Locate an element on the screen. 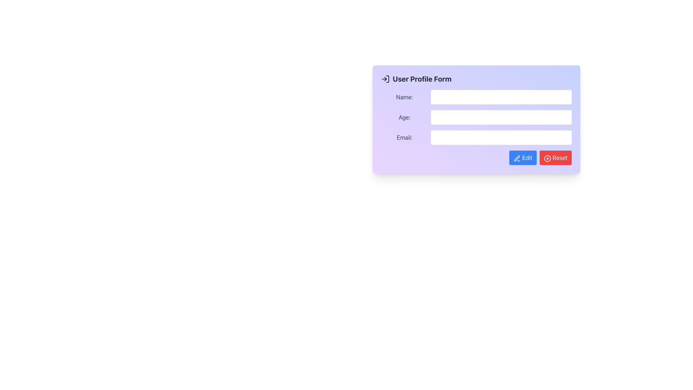  the circular SVG shape that is styled as an outline and is part of the 'X' icon located in the top-right corner next to the 'User Profile Form' header is located at coordinates (547, 158).